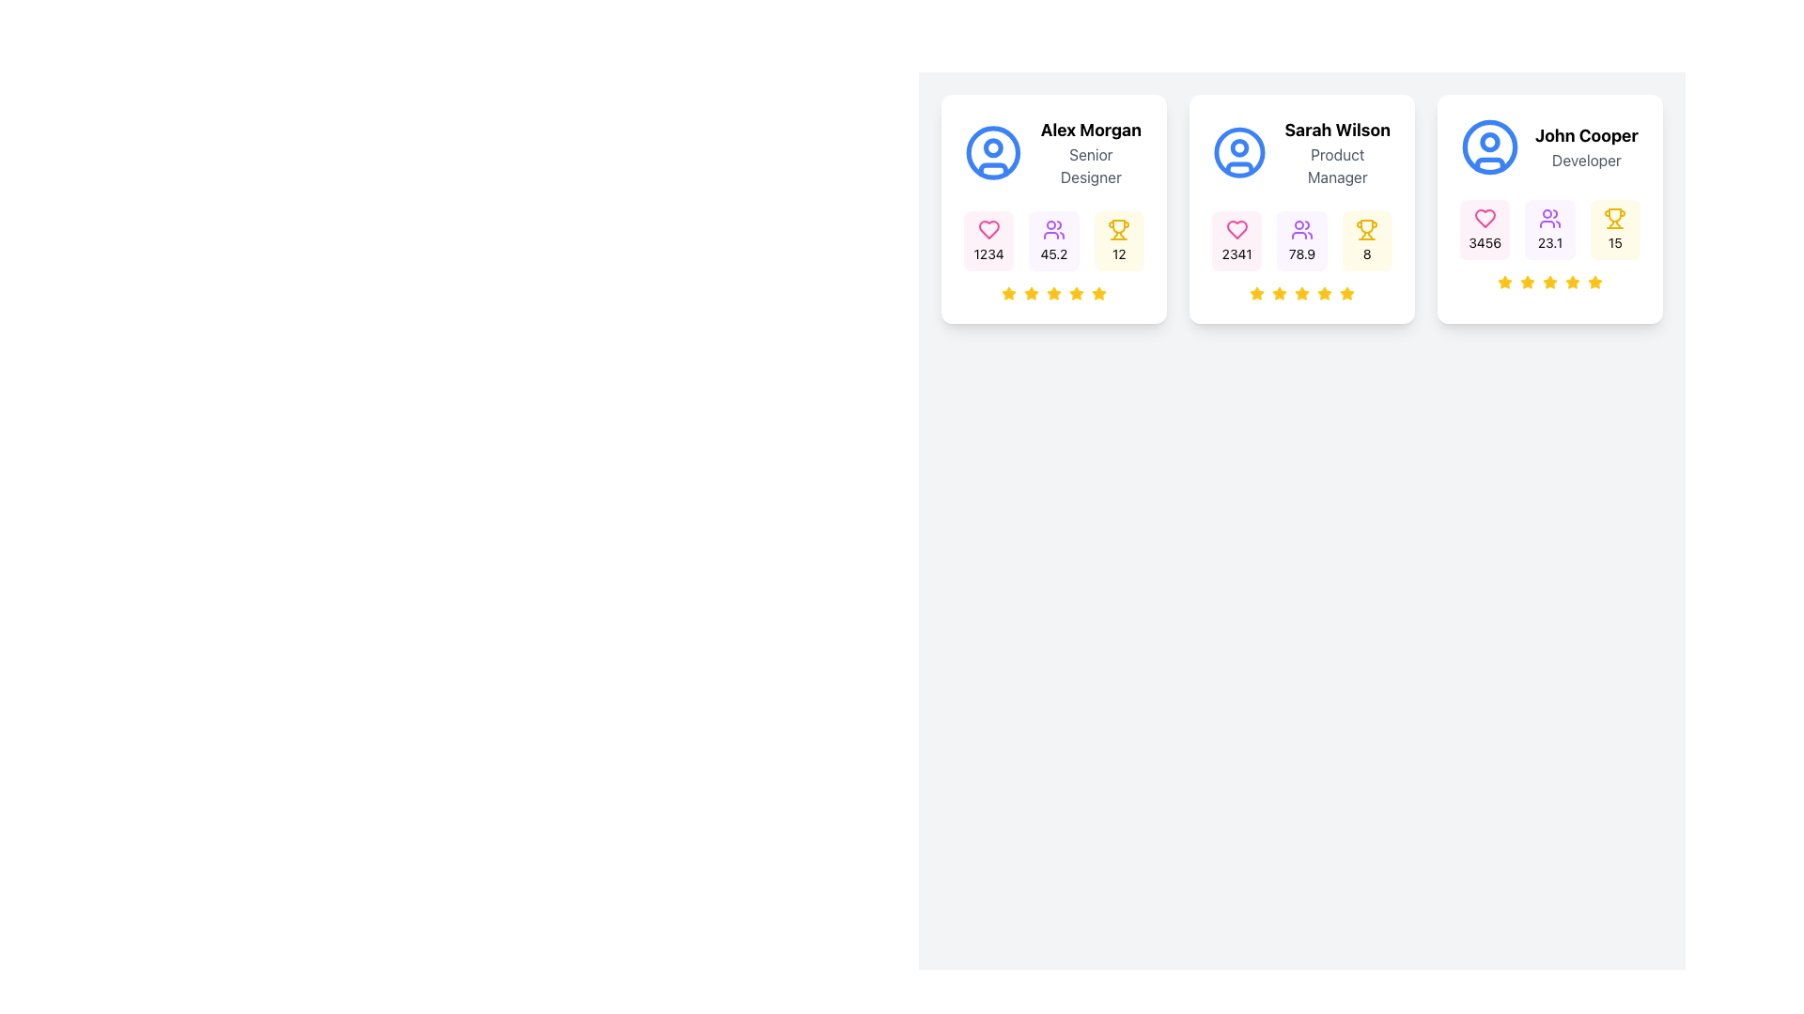  What do you see at coordinates (1118, 240) in the screenshot?
I see `the Data Display element that shows a trophy icon with the number '12'` at bounding box center [1118, 240].